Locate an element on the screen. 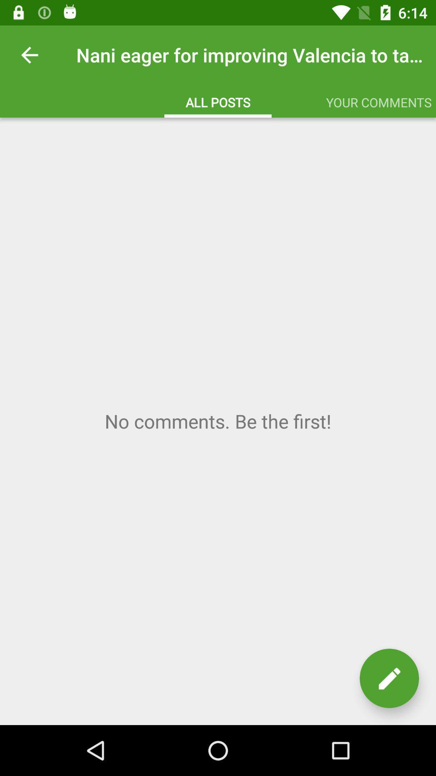 The image size is (436, 776). comment container with write comment button is located at coordinates (218, 421).